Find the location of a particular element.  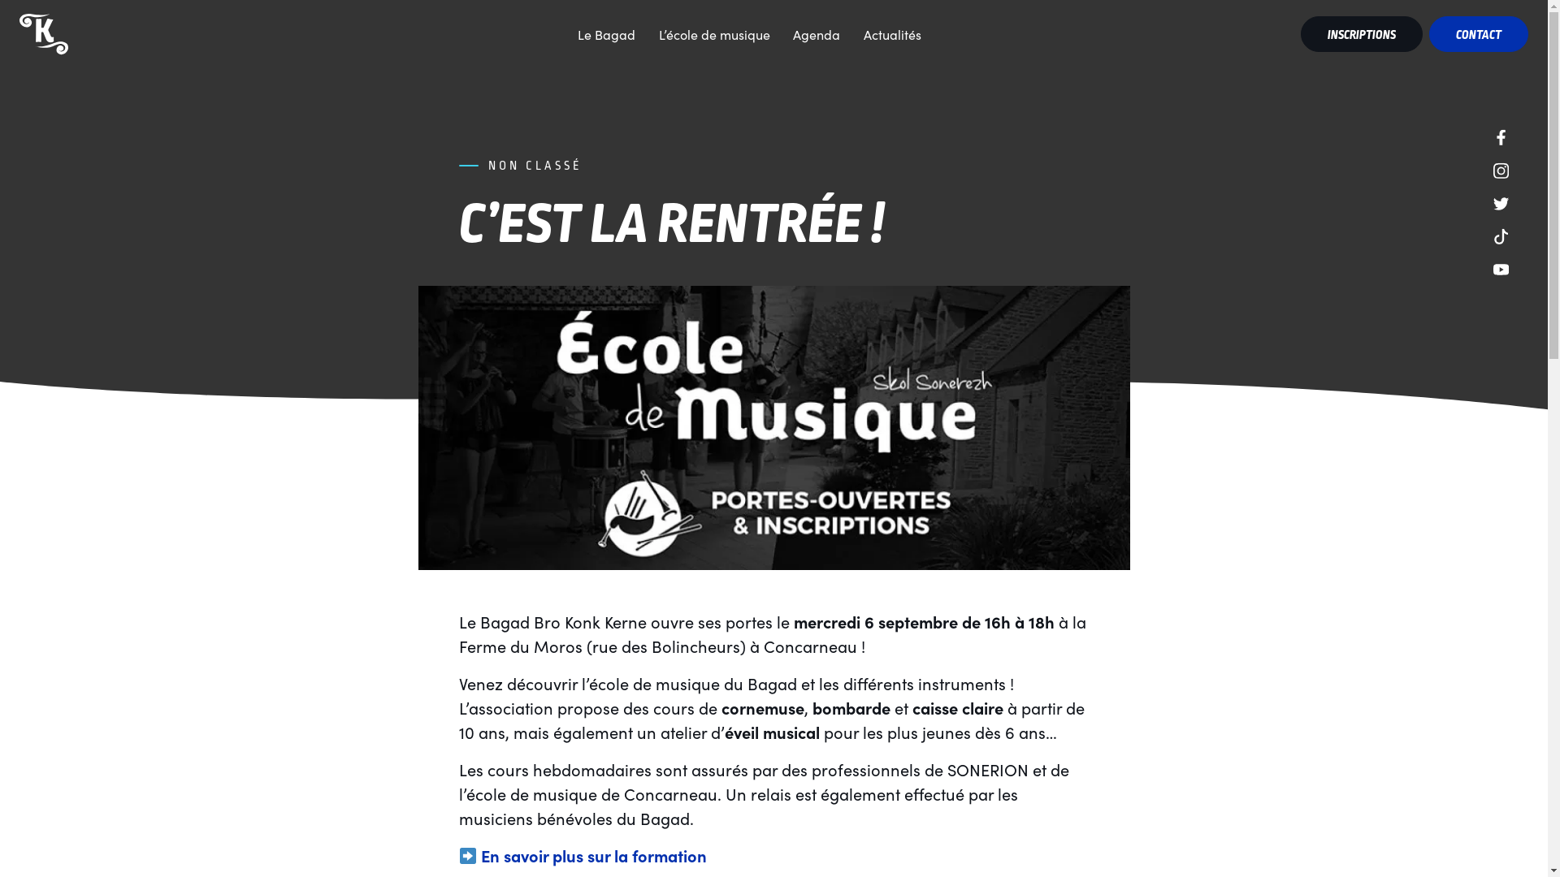

'Bagad Bro Konk Kerne - Concarneau' is located at coordinates (19, 34).